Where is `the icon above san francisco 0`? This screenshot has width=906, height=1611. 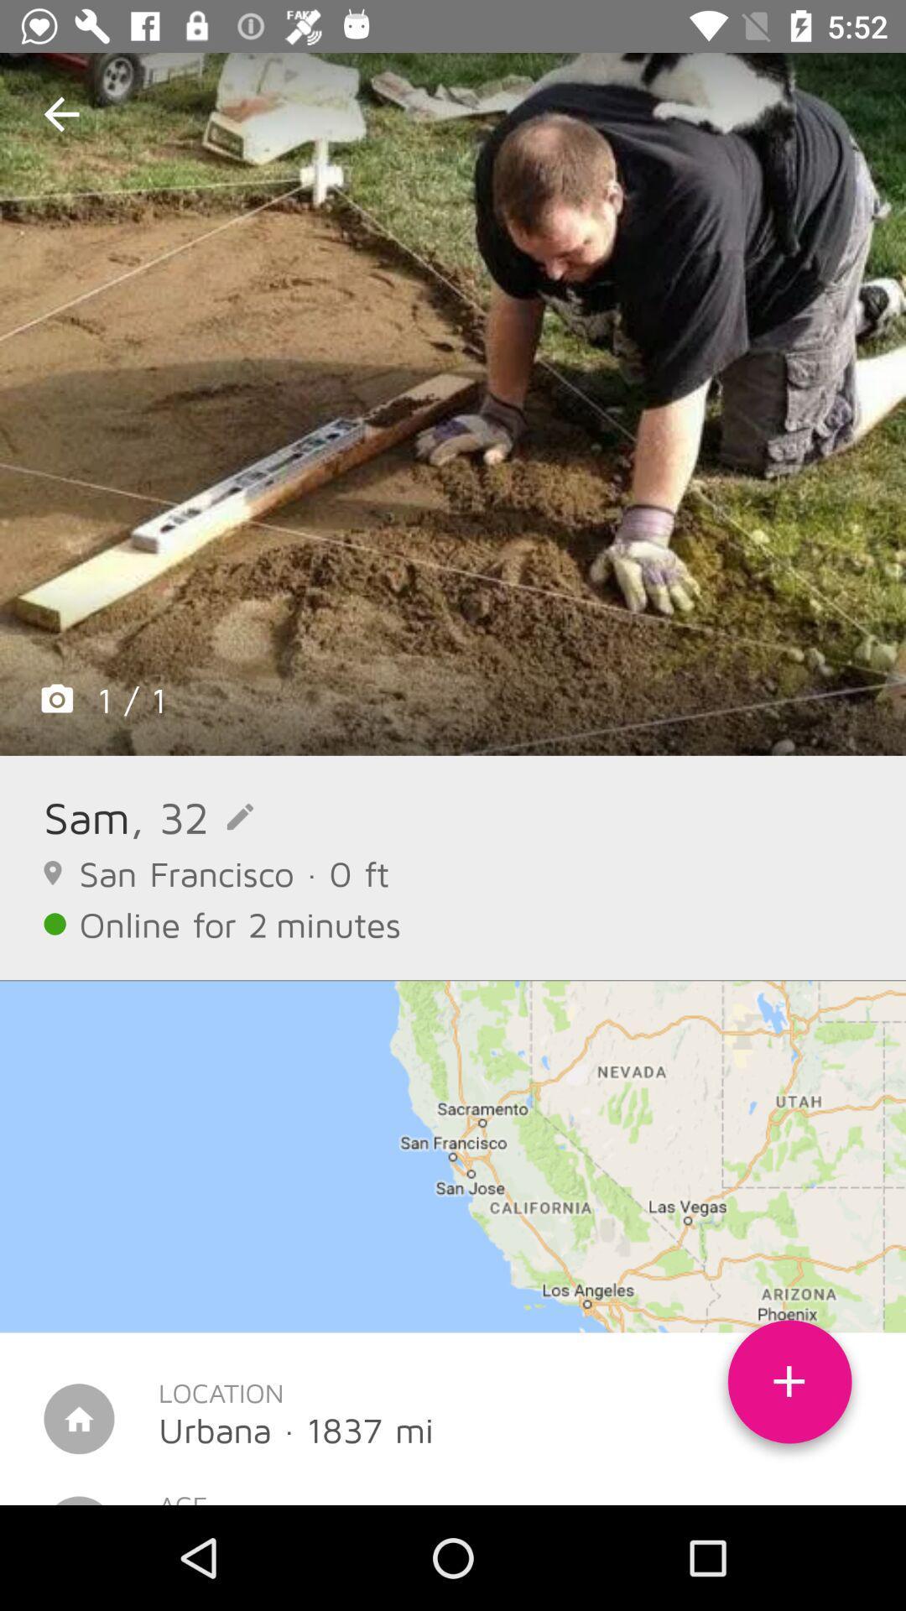 the icon above san francisco 0 is located at coordinates (190, 816).